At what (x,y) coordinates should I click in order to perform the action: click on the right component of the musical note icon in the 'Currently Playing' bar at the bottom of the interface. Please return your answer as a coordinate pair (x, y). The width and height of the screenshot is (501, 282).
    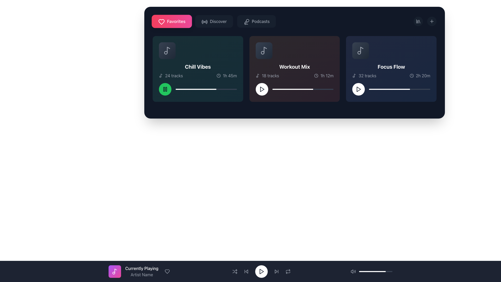
    Looking at the image, I should click on (115, 271).